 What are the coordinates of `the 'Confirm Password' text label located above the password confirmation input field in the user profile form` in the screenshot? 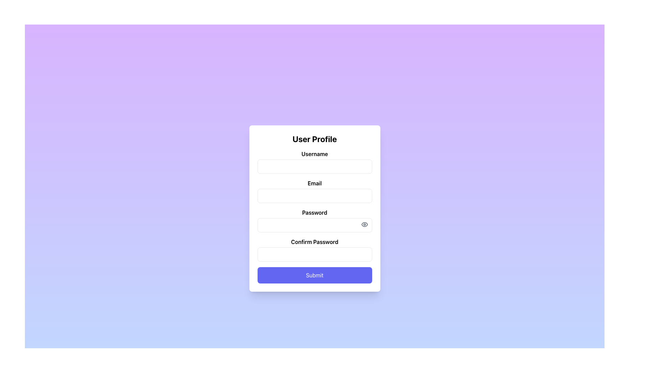 It's located at (314, 241).